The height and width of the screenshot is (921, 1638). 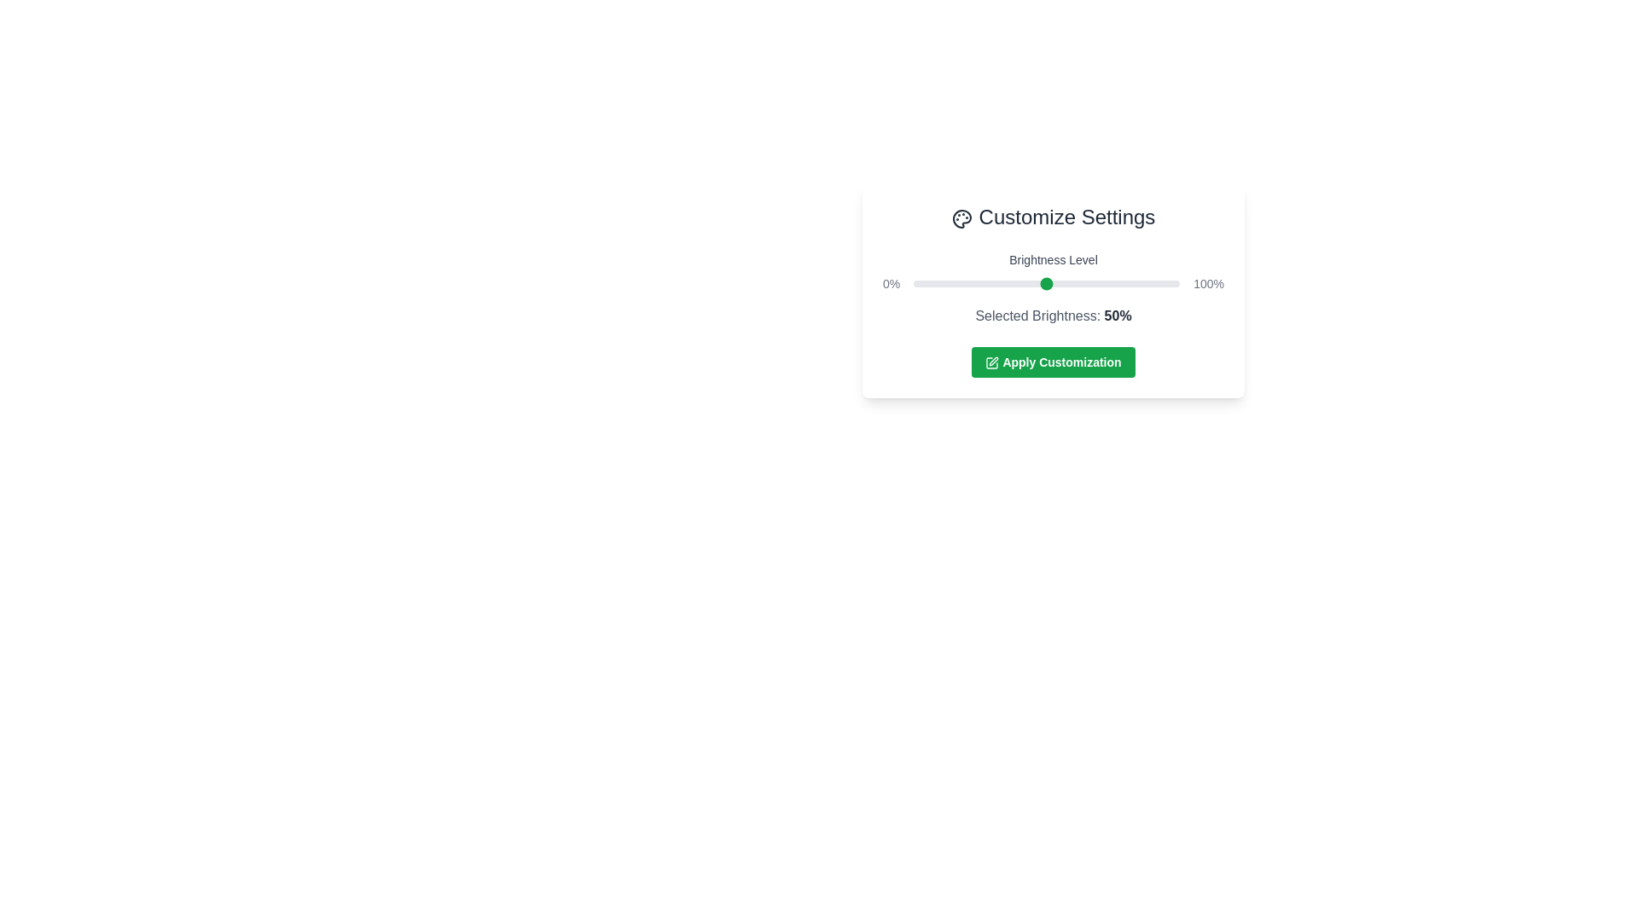 What do you see at coordinates (1118, 316) in the screenshot?
I see `the '50%' text label that indicates the currently selected brightness level, which is positioned to the right of the label 'Selected Brightness:' and displayed in bold, dark font` at bounding box center [1118, 316].